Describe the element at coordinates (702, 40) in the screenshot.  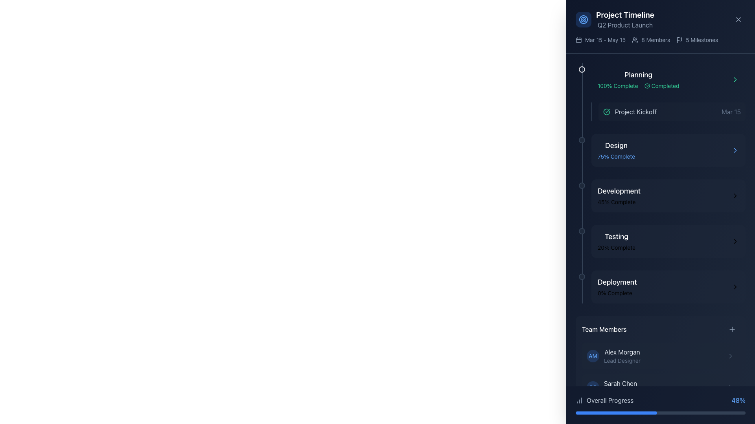
I see `the static text label that displays the number of milestones associated with the project, located at the top-right corner of the interface, to the right of a flag icon` at that location.